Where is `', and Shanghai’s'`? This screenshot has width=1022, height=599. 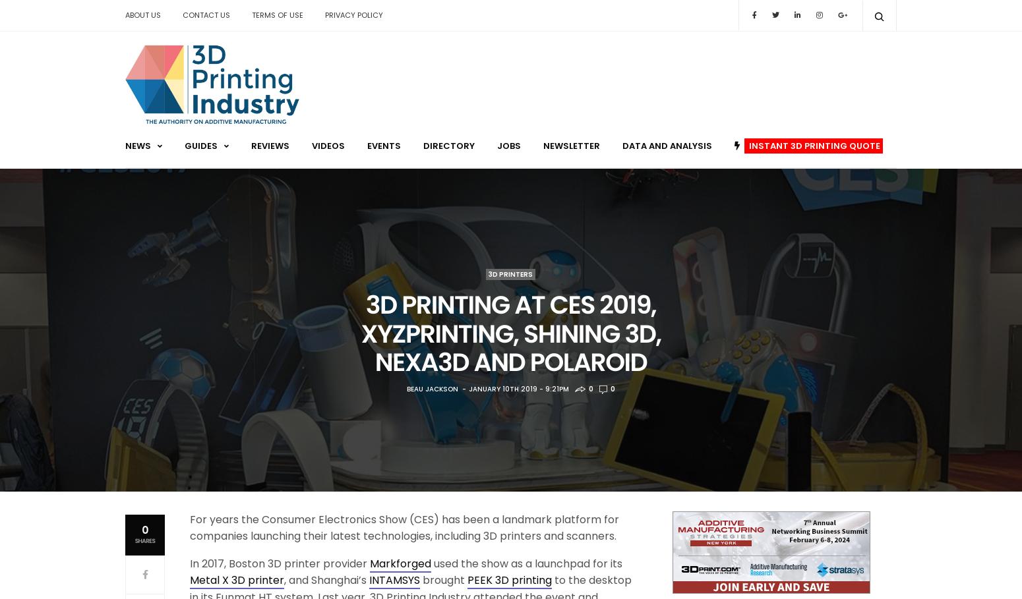
', and Shanghai’s' is located at coordinates (326, 580).